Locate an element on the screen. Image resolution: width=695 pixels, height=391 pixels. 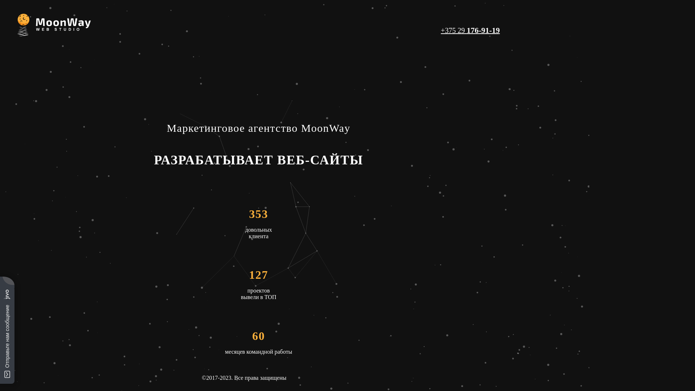
'+375 29 176-91-19' is located at coordinates (470, 30).